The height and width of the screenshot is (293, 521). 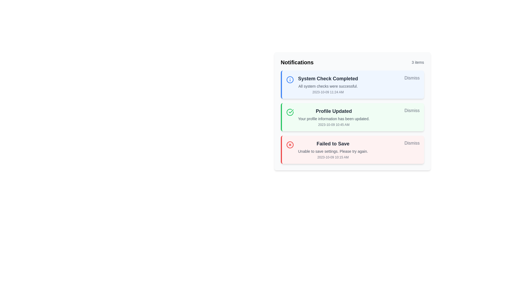 I want to click on the 'Dismiss' button located in the top-right corner of the red-bordered alert box at the bottom of the notifications list to change its text color, so click(x=412, y=143).